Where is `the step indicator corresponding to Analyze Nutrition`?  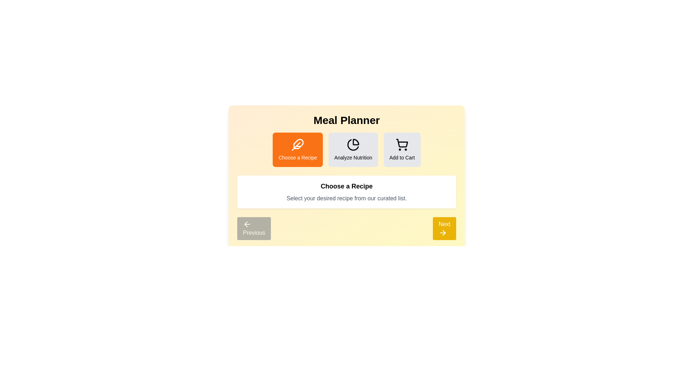 the step indicator corresponding to Analyze Nutrition is located at coordinates (353, 149).